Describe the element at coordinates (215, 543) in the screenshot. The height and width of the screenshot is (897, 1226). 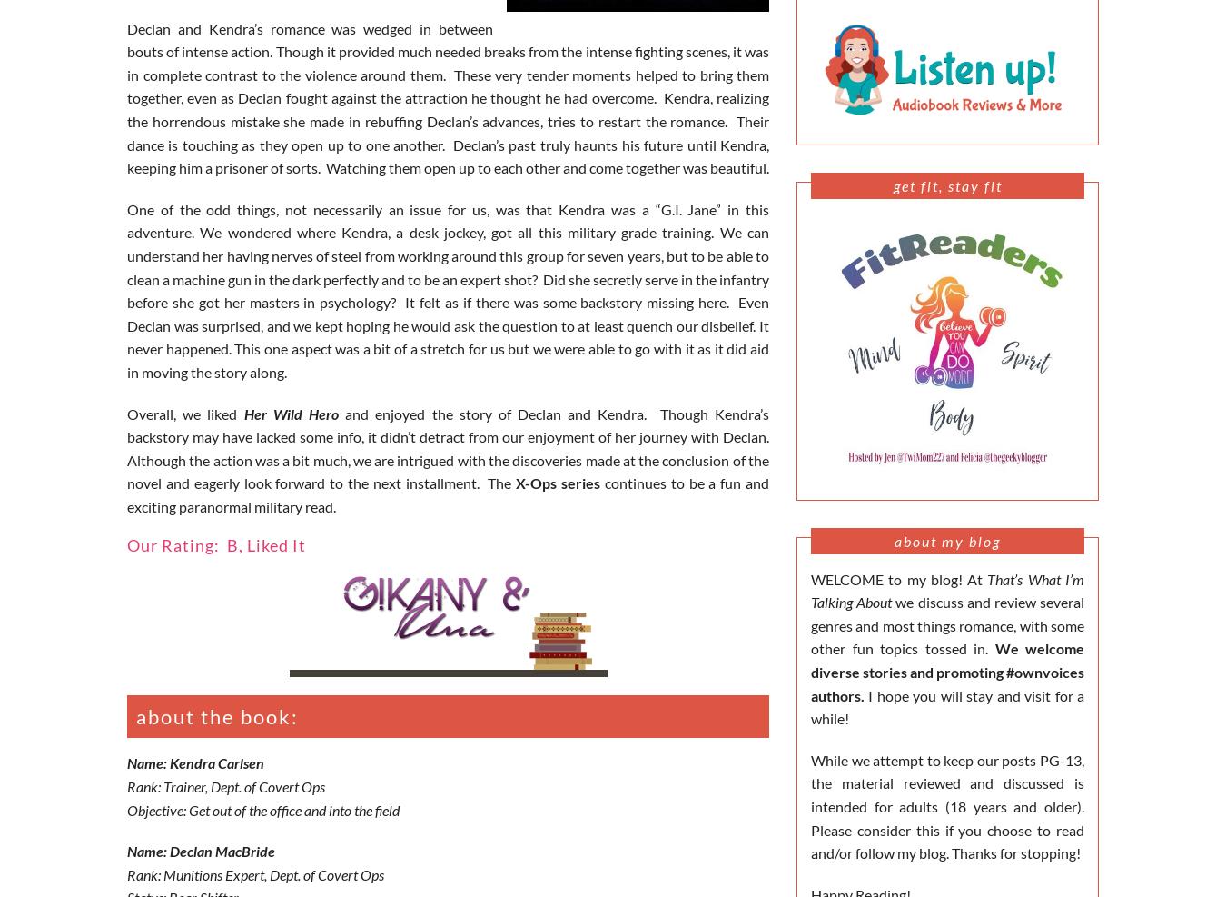
I see `'Our Rating:  B, Liked It'` at that location.